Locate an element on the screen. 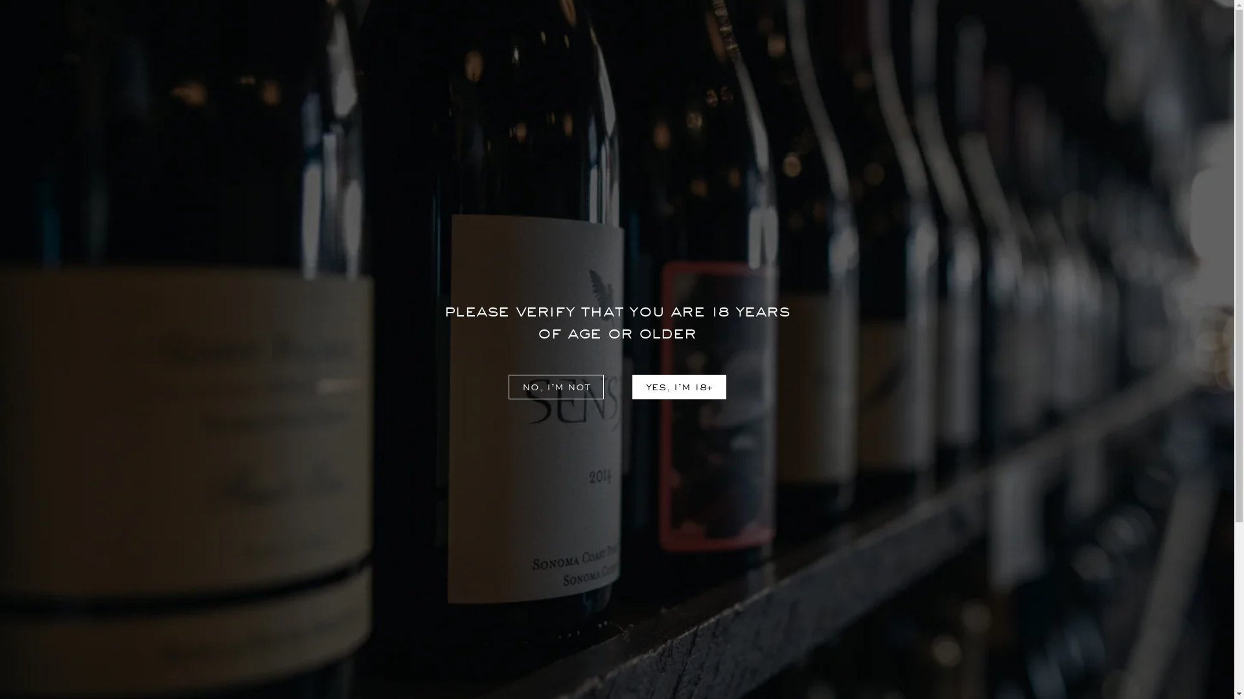  'About' is located at coordinates (106, 41).